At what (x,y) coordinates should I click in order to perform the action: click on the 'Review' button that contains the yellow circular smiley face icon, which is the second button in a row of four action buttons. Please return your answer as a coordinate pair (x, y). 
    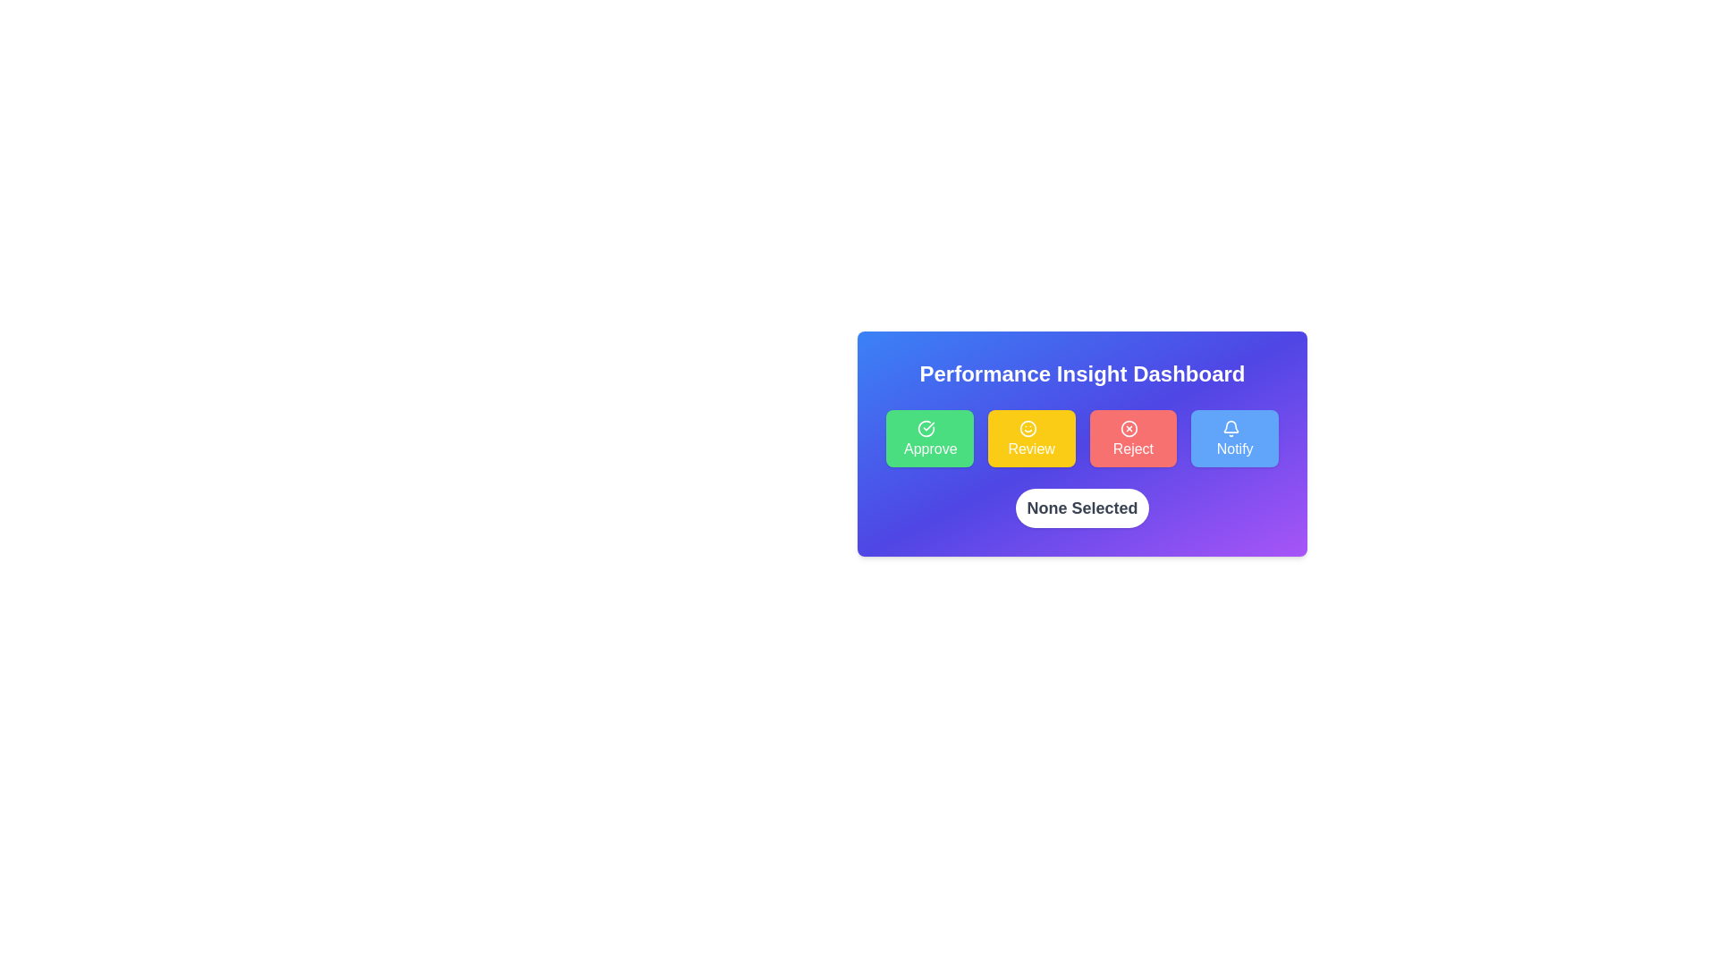
    Looking at the image, I should click on (1028, 428).